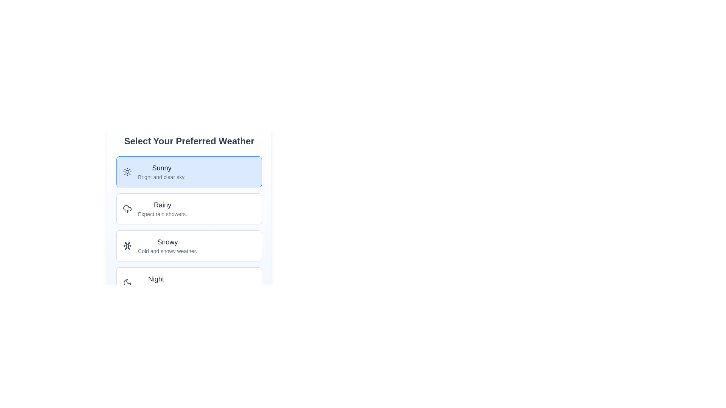  Describe the element at coordinates (161, 177) in the screenshot. I see `the descriptive text label explaining the 'Sunny' selection in the weather preference list, located directly below the larger 'Sunny' title text` at that location.